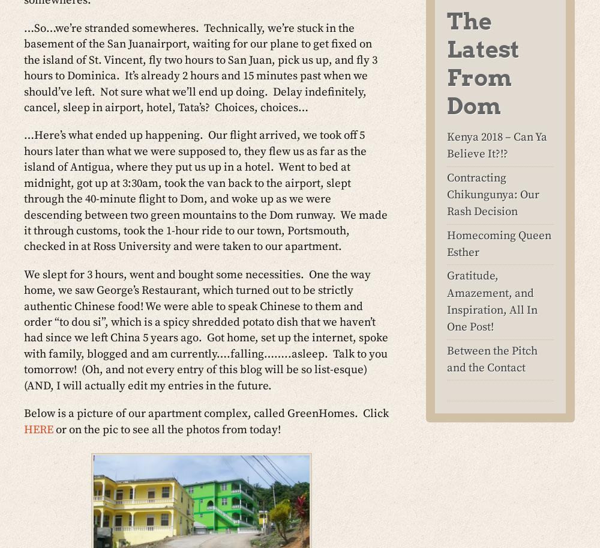 The image size is (600, 548). I want to click on 'or on the pic to see all the photos from today!', so click(167, 429).